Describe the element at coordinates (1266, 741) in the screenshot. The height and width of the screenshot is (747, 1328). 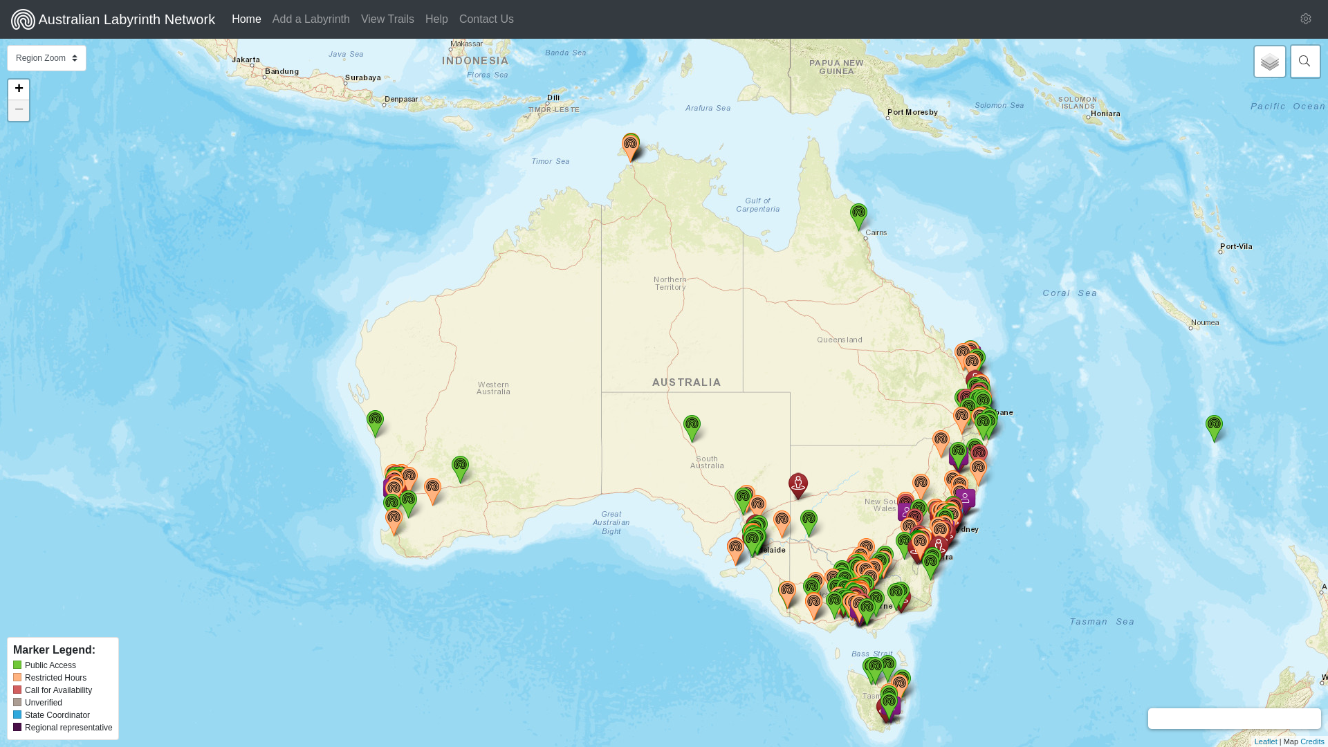
I see `'Leaflet'` at that location.